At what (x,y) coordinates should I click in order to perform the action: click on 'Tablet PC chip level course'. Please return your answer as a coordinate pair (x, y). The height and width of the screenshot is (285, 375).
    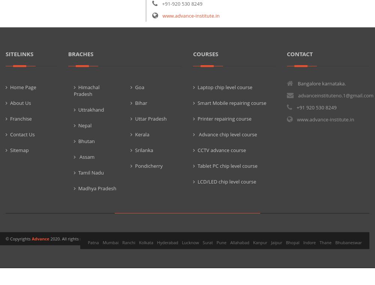
    Looking at the image, I should click on (227, 165).